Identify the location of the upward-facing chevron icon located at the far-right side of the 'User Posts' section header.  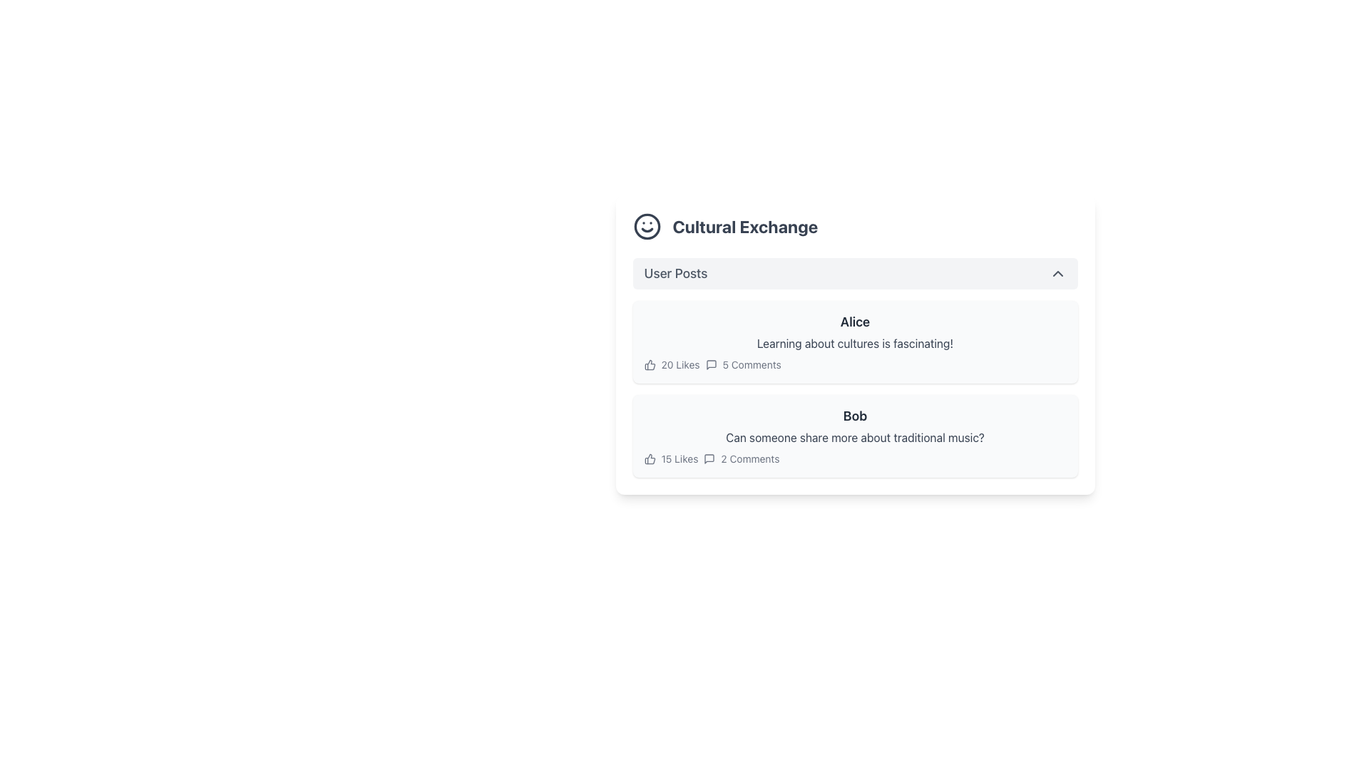
(1057, 274).